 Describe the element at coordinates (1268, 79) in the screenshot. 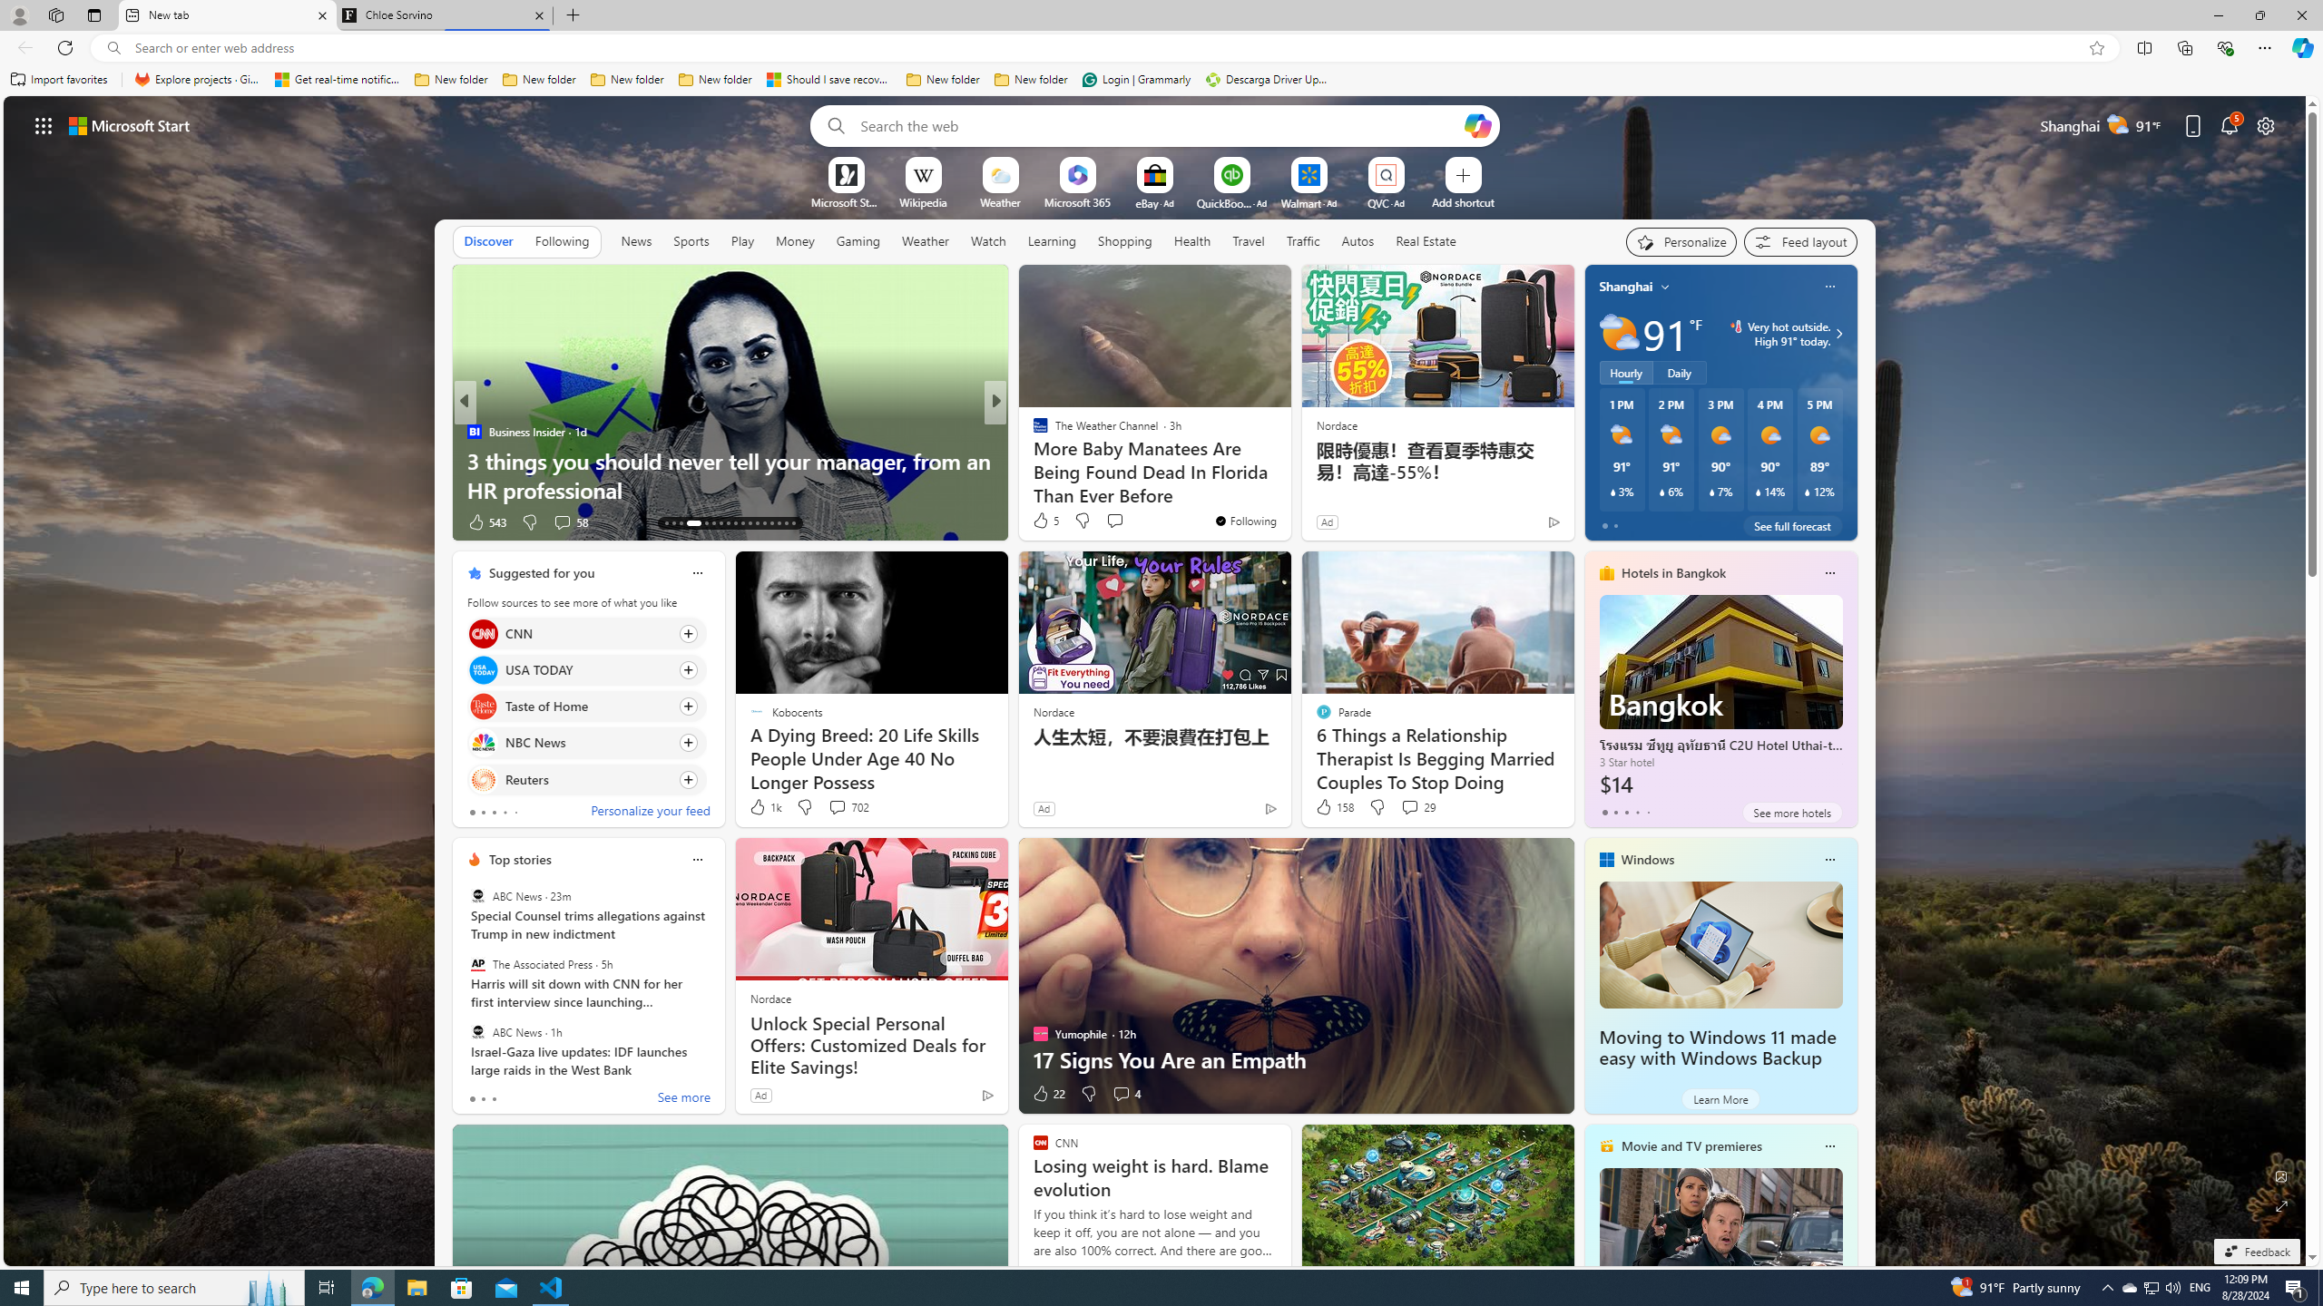

I see `'Descarga Driver Updater'` at that location.